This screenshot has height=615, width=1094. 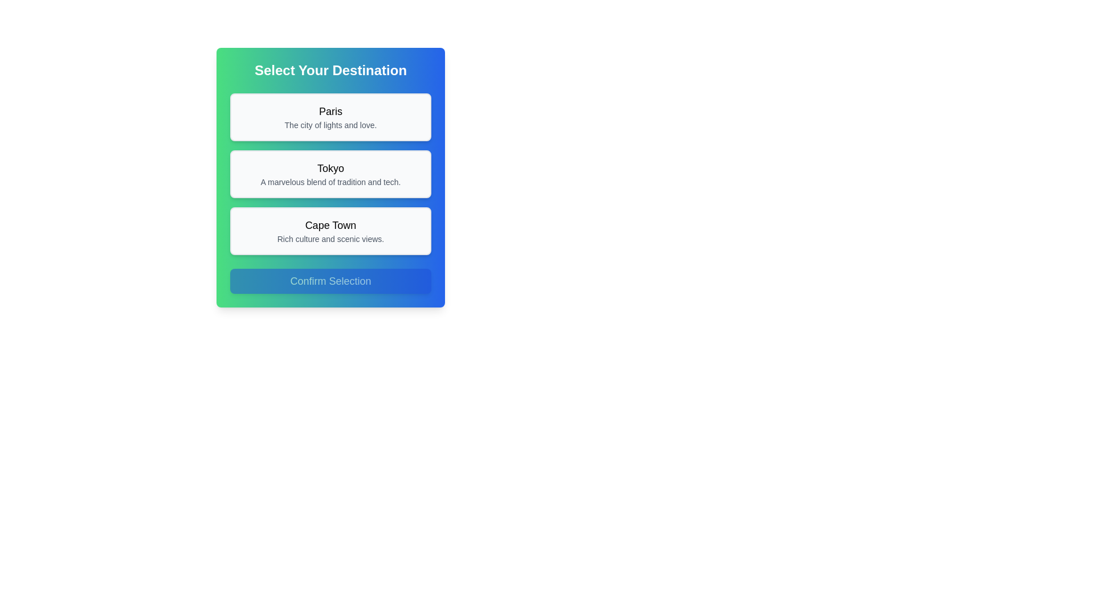 What do you see at coordinates (330, 125) in the screenshot?
I see `the text label that reads 'The city of lights and love', which is styled in light gray and positioned below the larger text 'Paris'` at bounding box center [330, 125].